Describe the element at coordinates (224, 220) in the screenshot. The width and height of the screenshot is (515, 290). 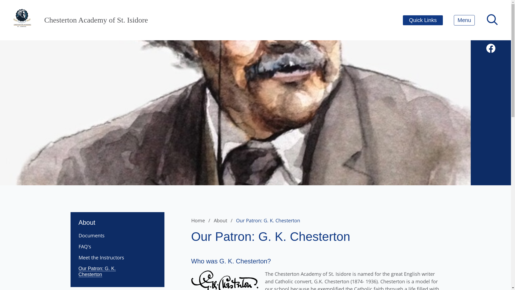
I see `'About'` at that location.